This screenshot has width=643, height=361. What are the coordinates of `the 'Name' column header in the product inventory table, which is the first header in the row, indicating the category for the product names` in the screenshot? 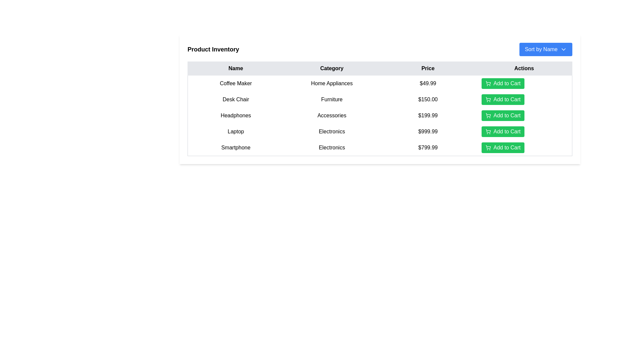 It's located at (236, 68).